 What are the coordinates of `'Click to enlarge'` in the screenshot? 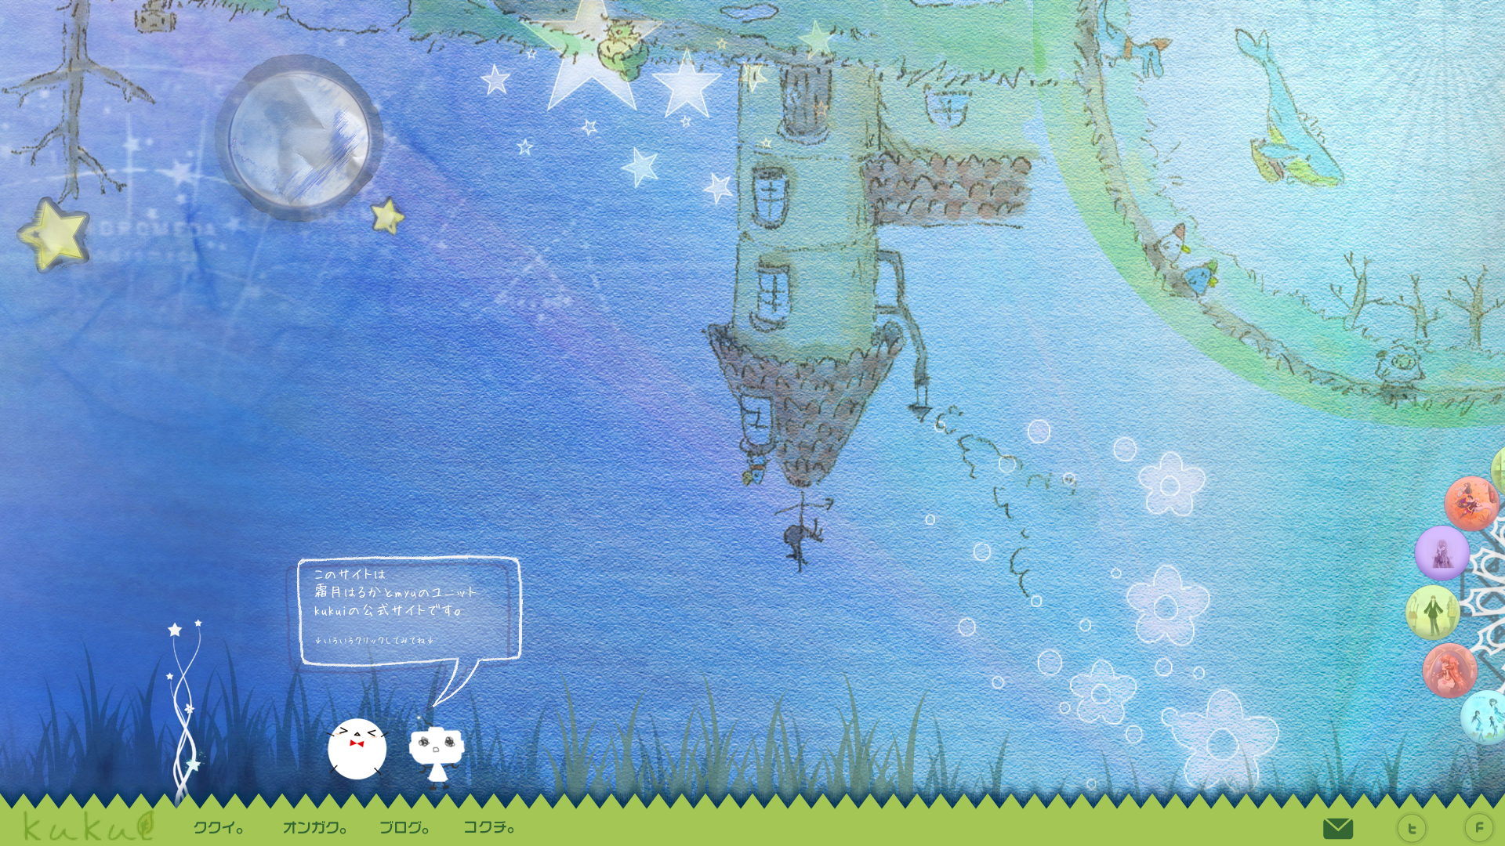 It's located at (1433, 612).